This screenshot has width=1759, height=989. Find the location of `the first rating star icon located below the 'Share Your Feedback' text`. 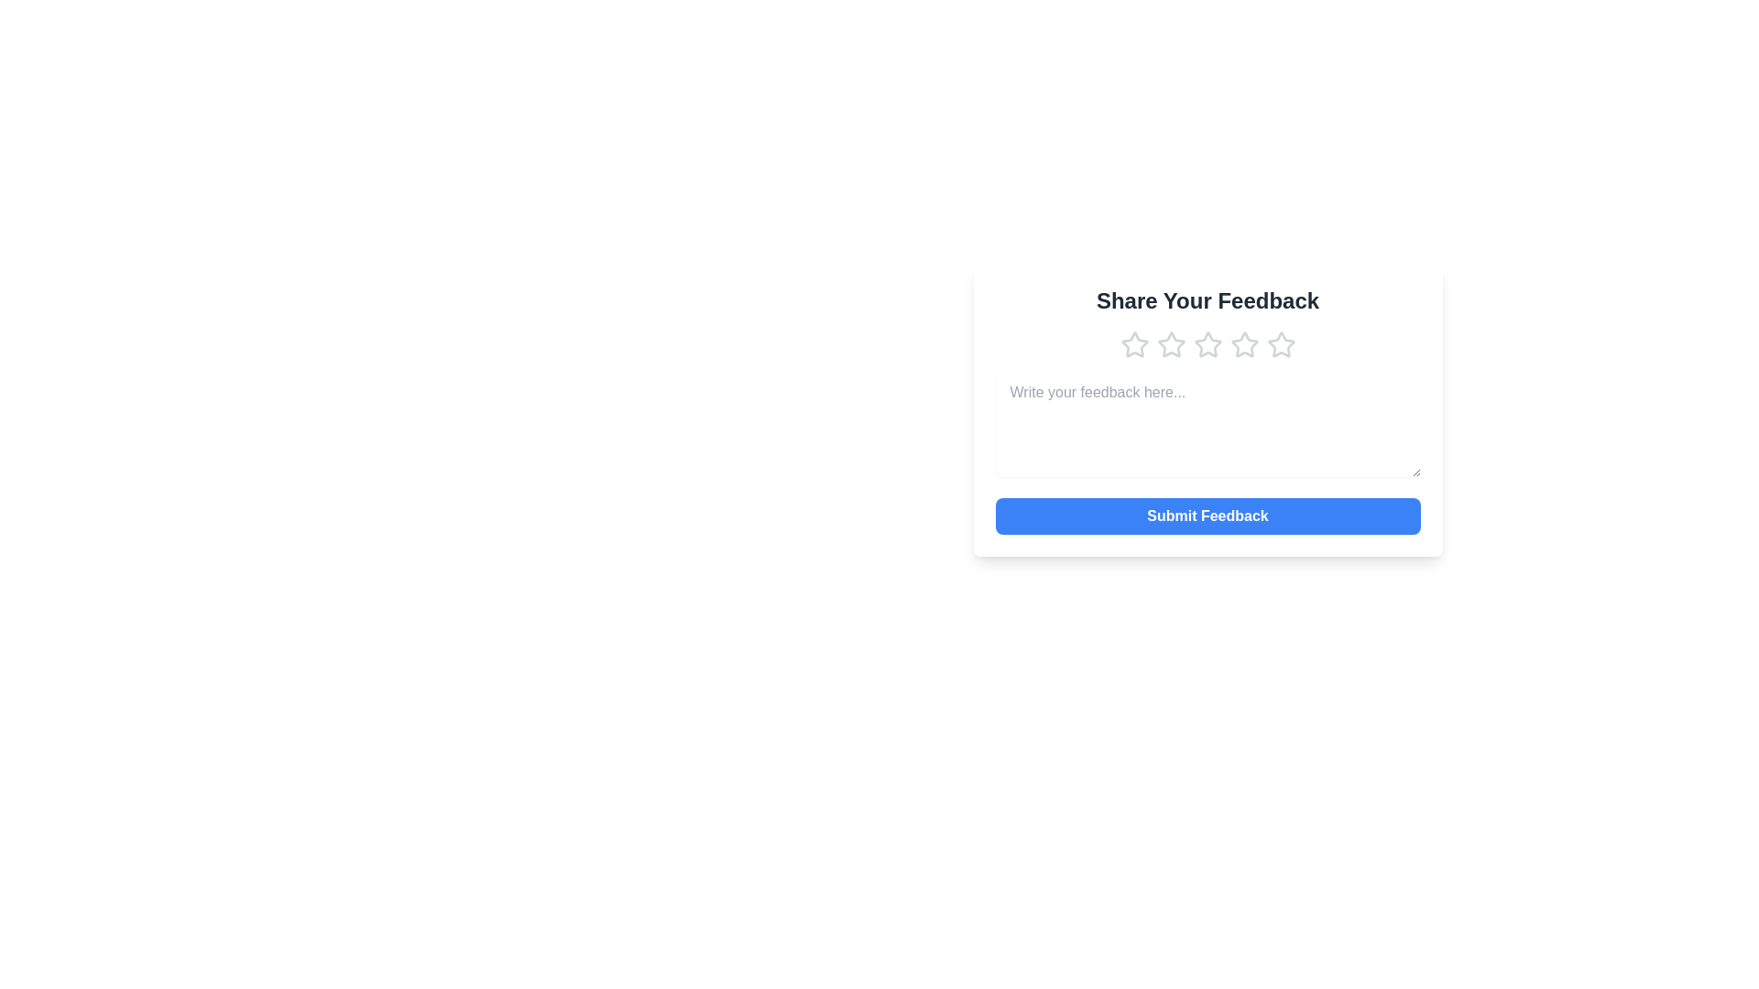

the first rating star icon located below the 'Share Your Feedback' text is located at coordinates (1133, 343).